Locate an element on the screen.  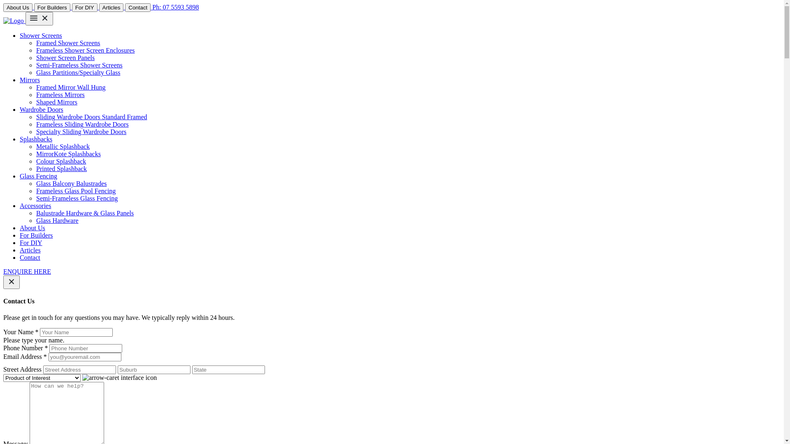
'Metallic Splashback' is located at coordinates (63, 146).